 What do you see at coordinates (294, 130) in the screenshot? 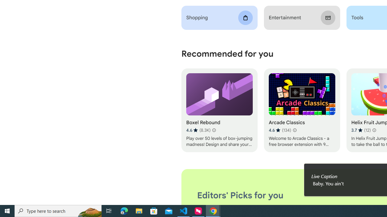
I see `'Learn more about results and reviews "Arcade Classics"'` at bounding box center [294, 130].